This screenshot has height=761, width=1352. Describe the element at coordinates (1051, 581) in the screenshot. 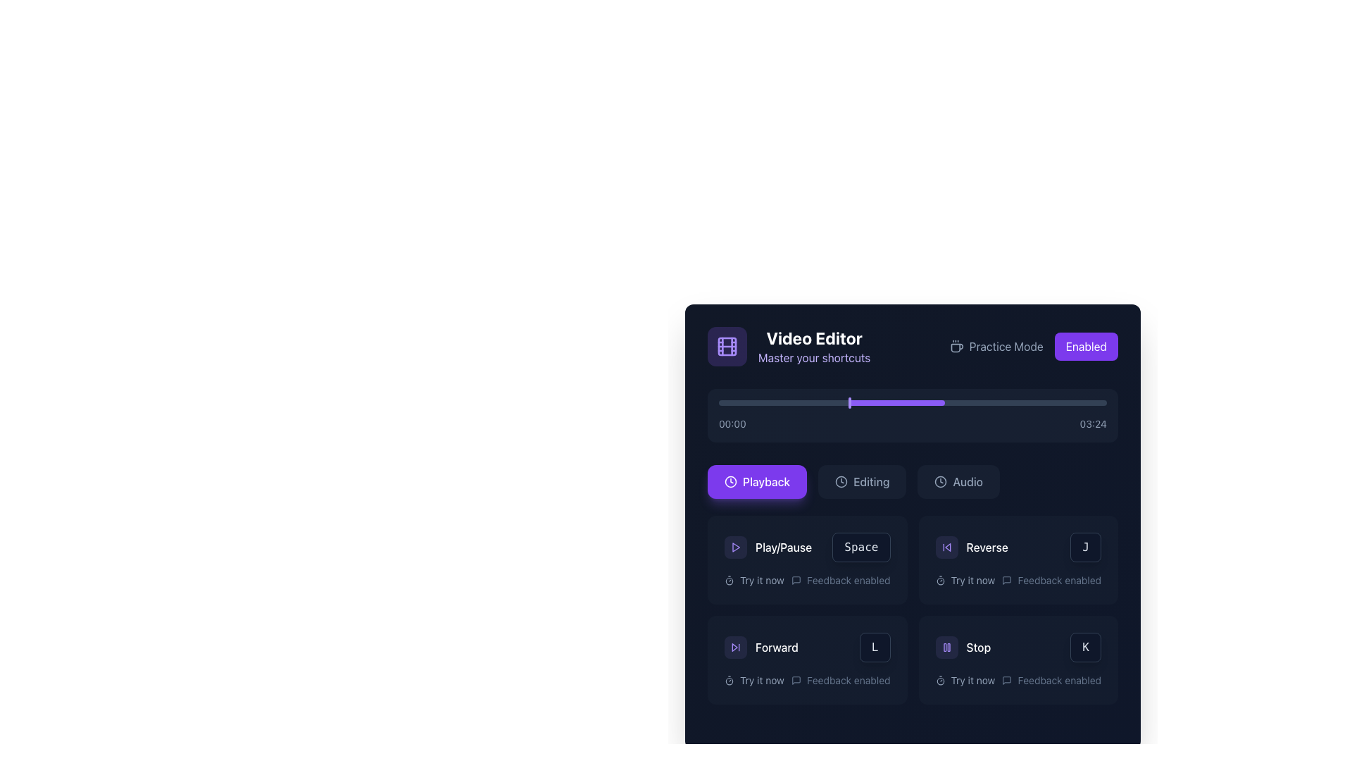

I see `the label with icon indicating that feedback functionality is enabled, positioned beneath the 'Reverse' button and adjacent to 'Try it now' and 'Feedback enabled' elements` at that location.